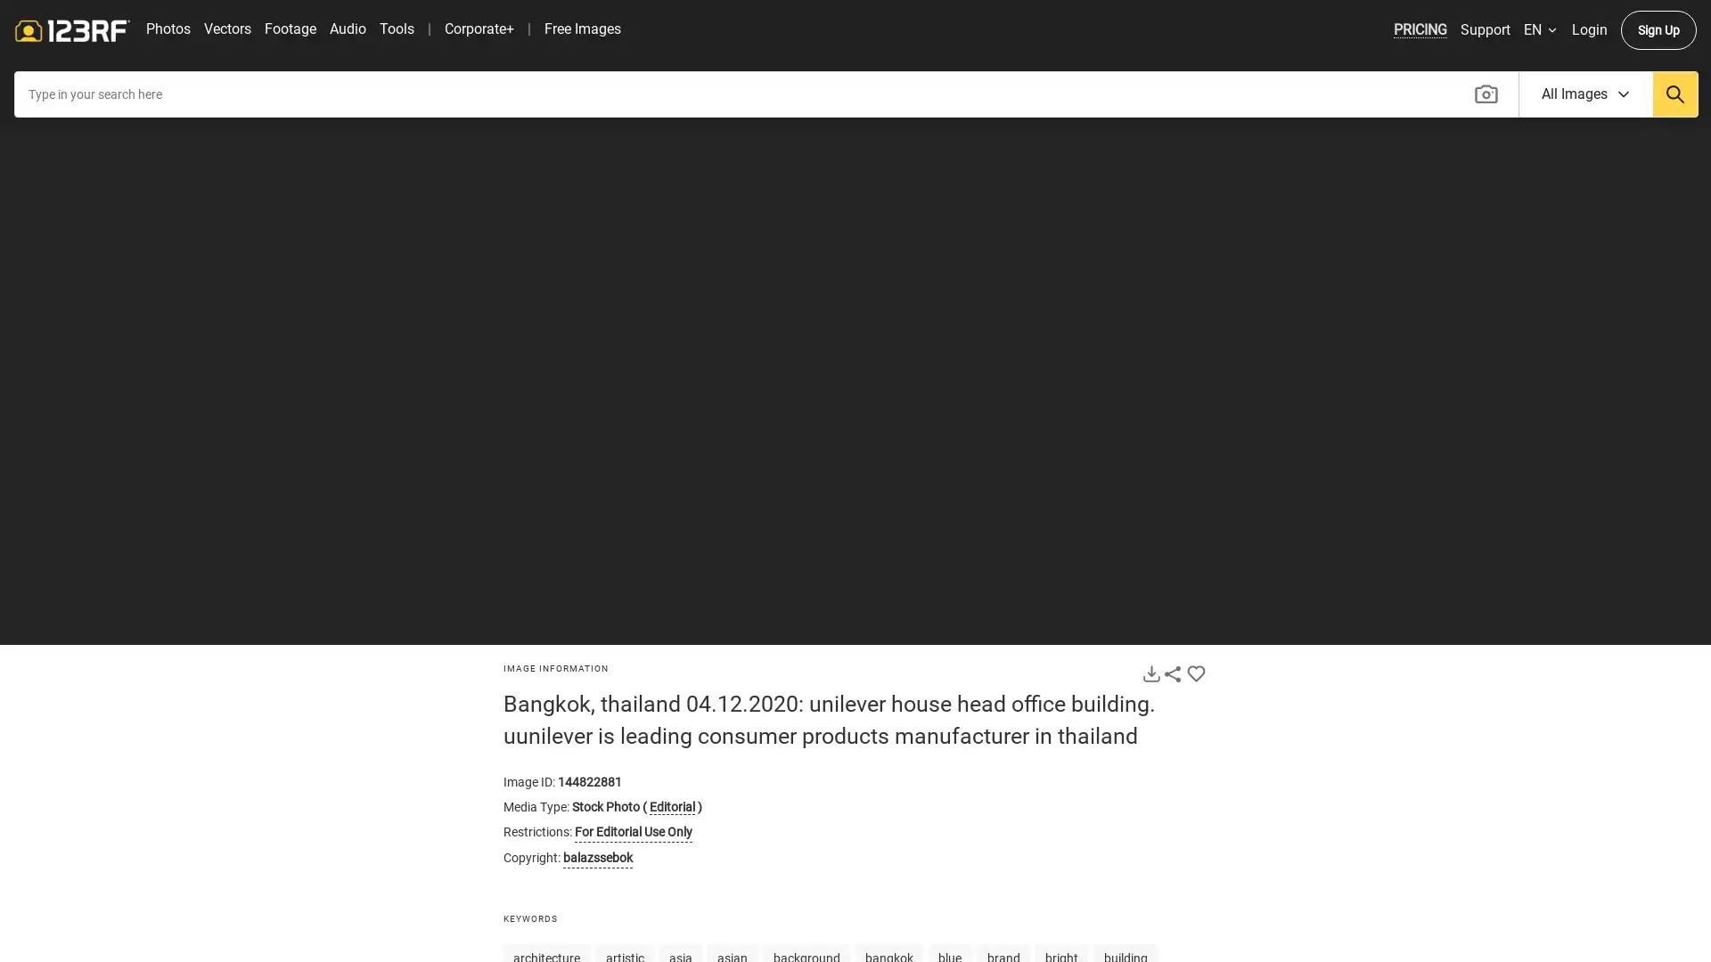  I want to click on Login, so click(1589, 93).